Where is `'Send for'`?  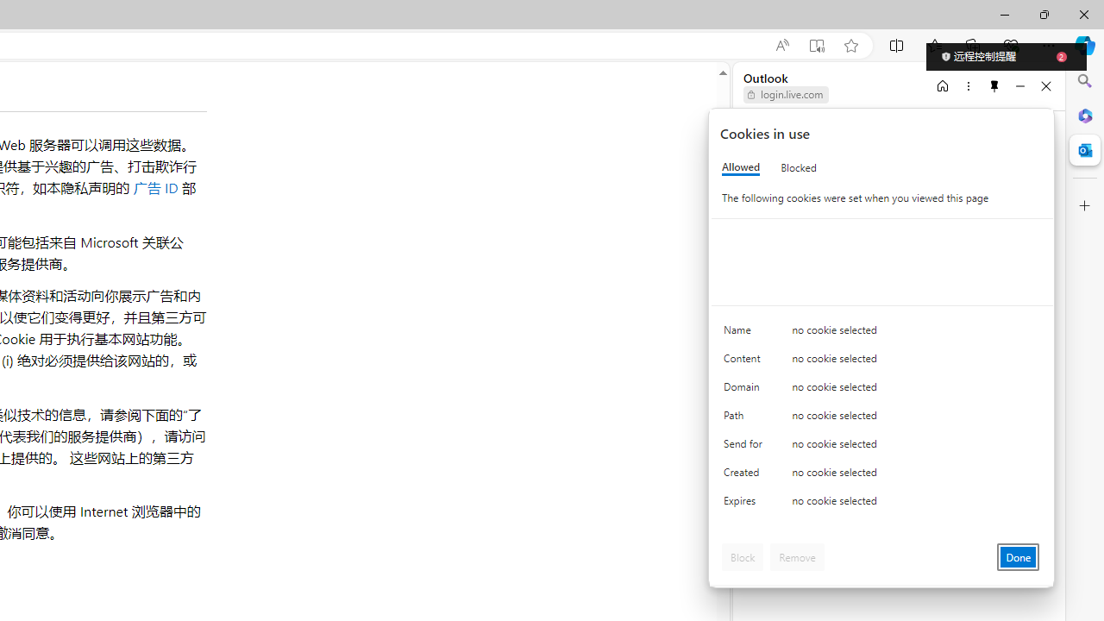 'Send for' is located at coordinates (746, 447).